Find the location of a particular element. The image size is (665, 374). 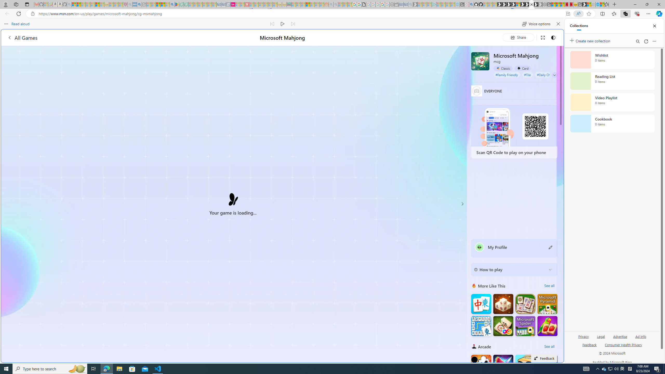

'Read previous paragraph' is located at coordinates (272, 24).